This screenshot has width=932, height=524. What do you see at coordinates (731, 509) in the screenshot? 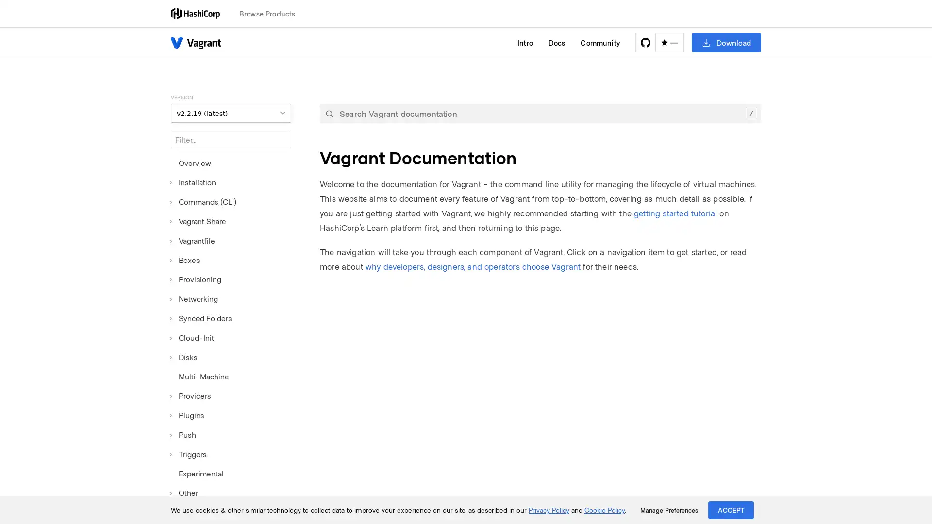
I see `ACCEPT` at bounding box center [731, 509].